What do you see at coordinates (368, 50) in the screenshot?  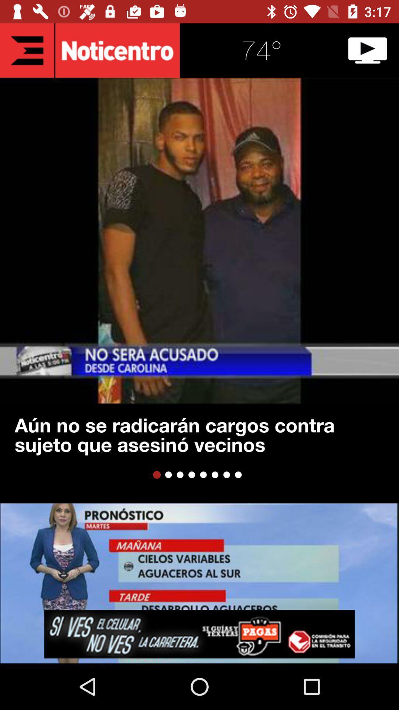 I see `the play icon` at bounding box center [368, 50].